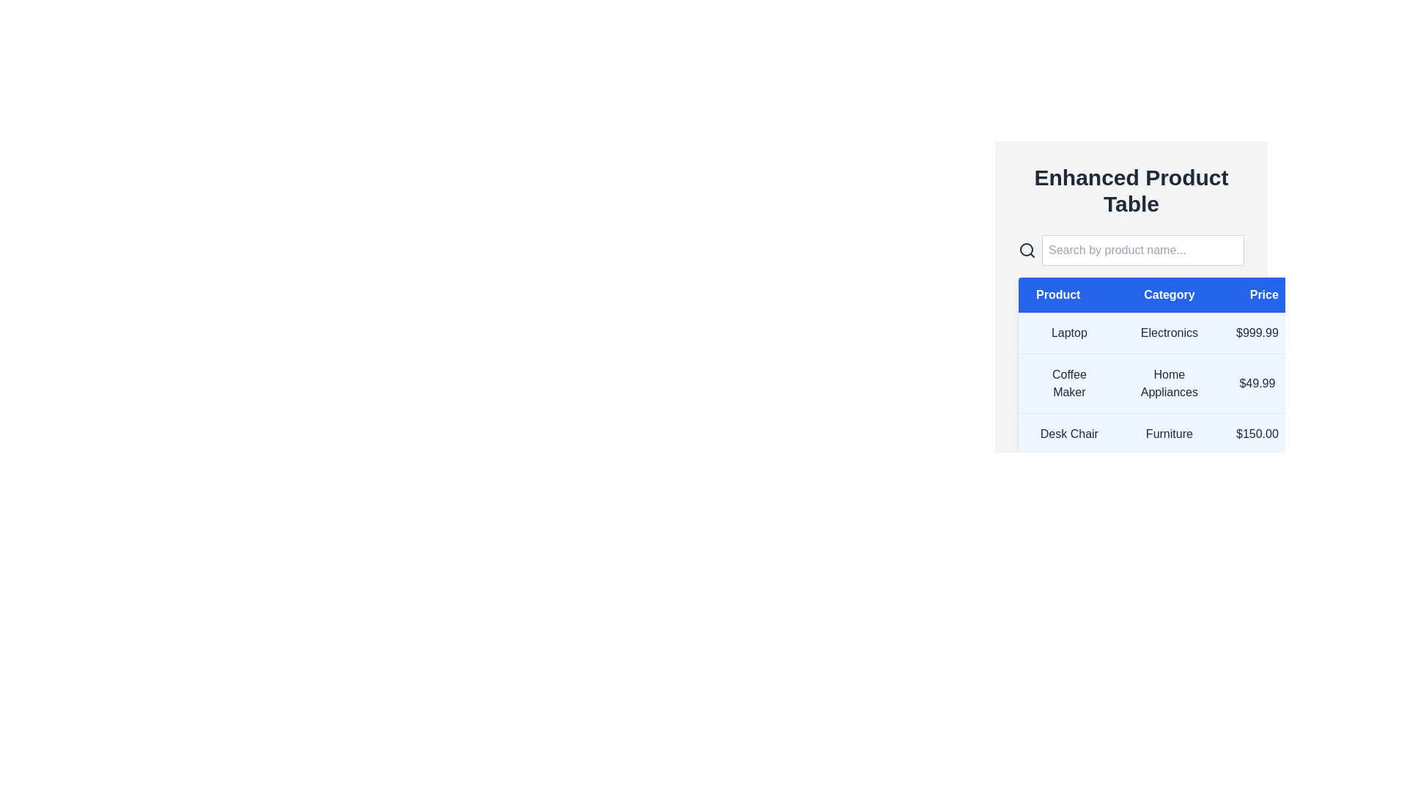 This screenshot has height=791, width=1407. Describe the element at coordinates (1156, 294) in the screenshot. I see `the Table Header Row which contains the labels 'Product,' 'Category,' and 'Price' with a blue background and white text` at that location.